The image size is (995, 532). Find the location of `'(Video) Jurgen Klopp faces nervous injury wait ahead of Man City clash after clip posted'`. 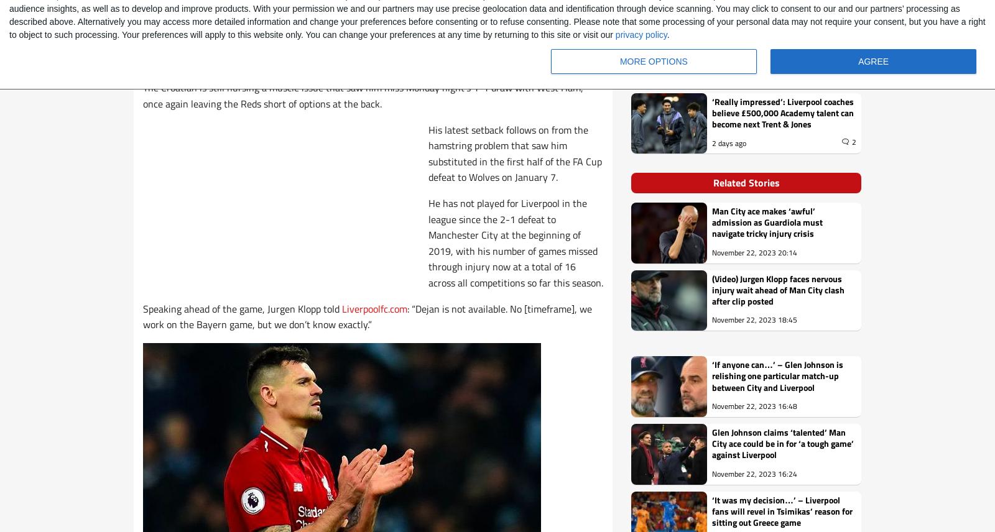

'(Video) Jurgen Klopp faces nervous injury wait ahead of Man City clash after clip posted' is located at coordinates (777, 288).